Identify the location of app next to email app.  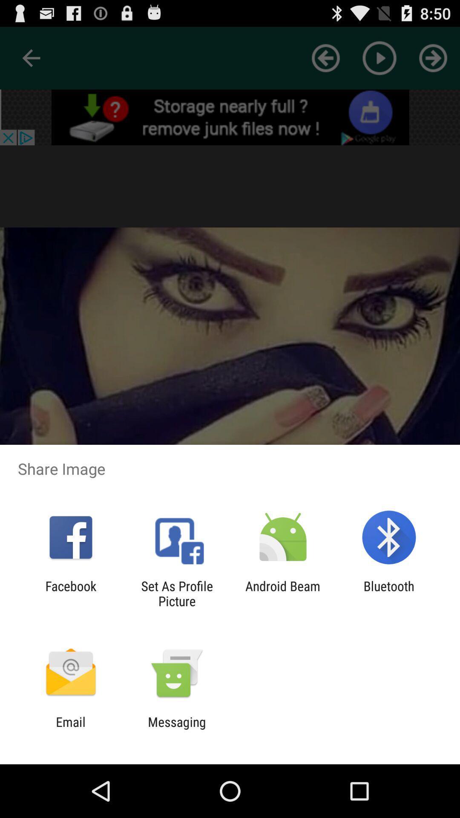
(176, 729).